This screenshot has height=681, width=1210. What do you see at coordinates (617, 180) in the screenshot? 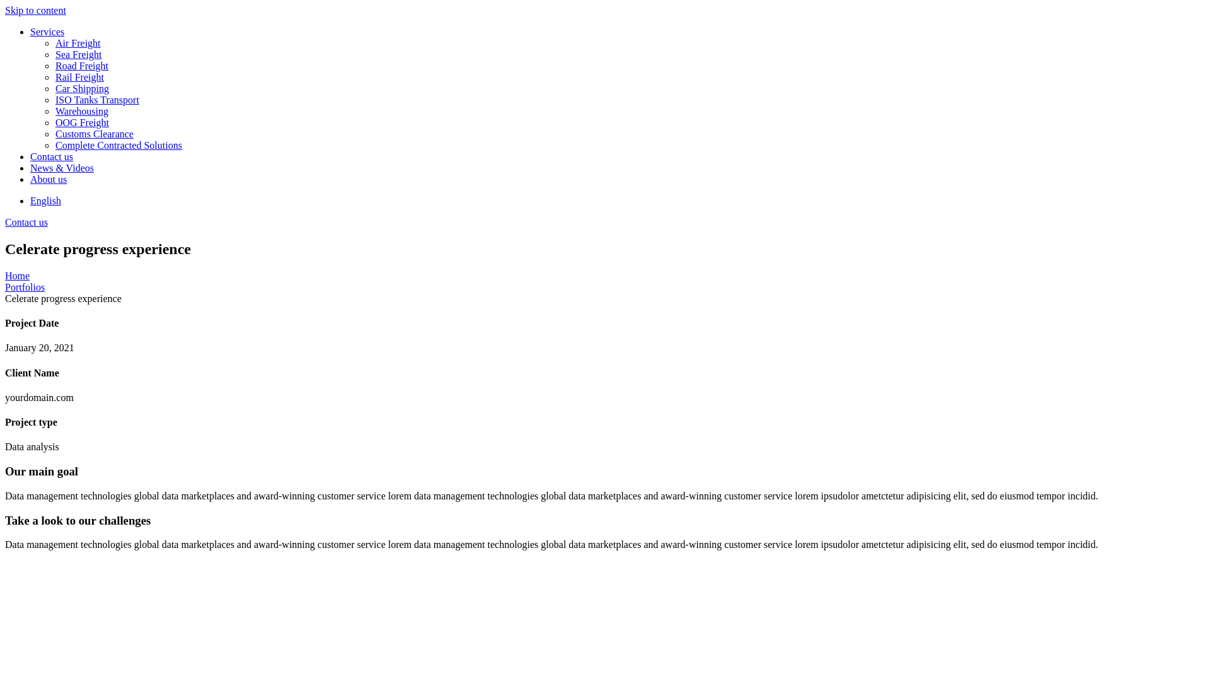
I see `'About us'` at bounding box center [617, 180].